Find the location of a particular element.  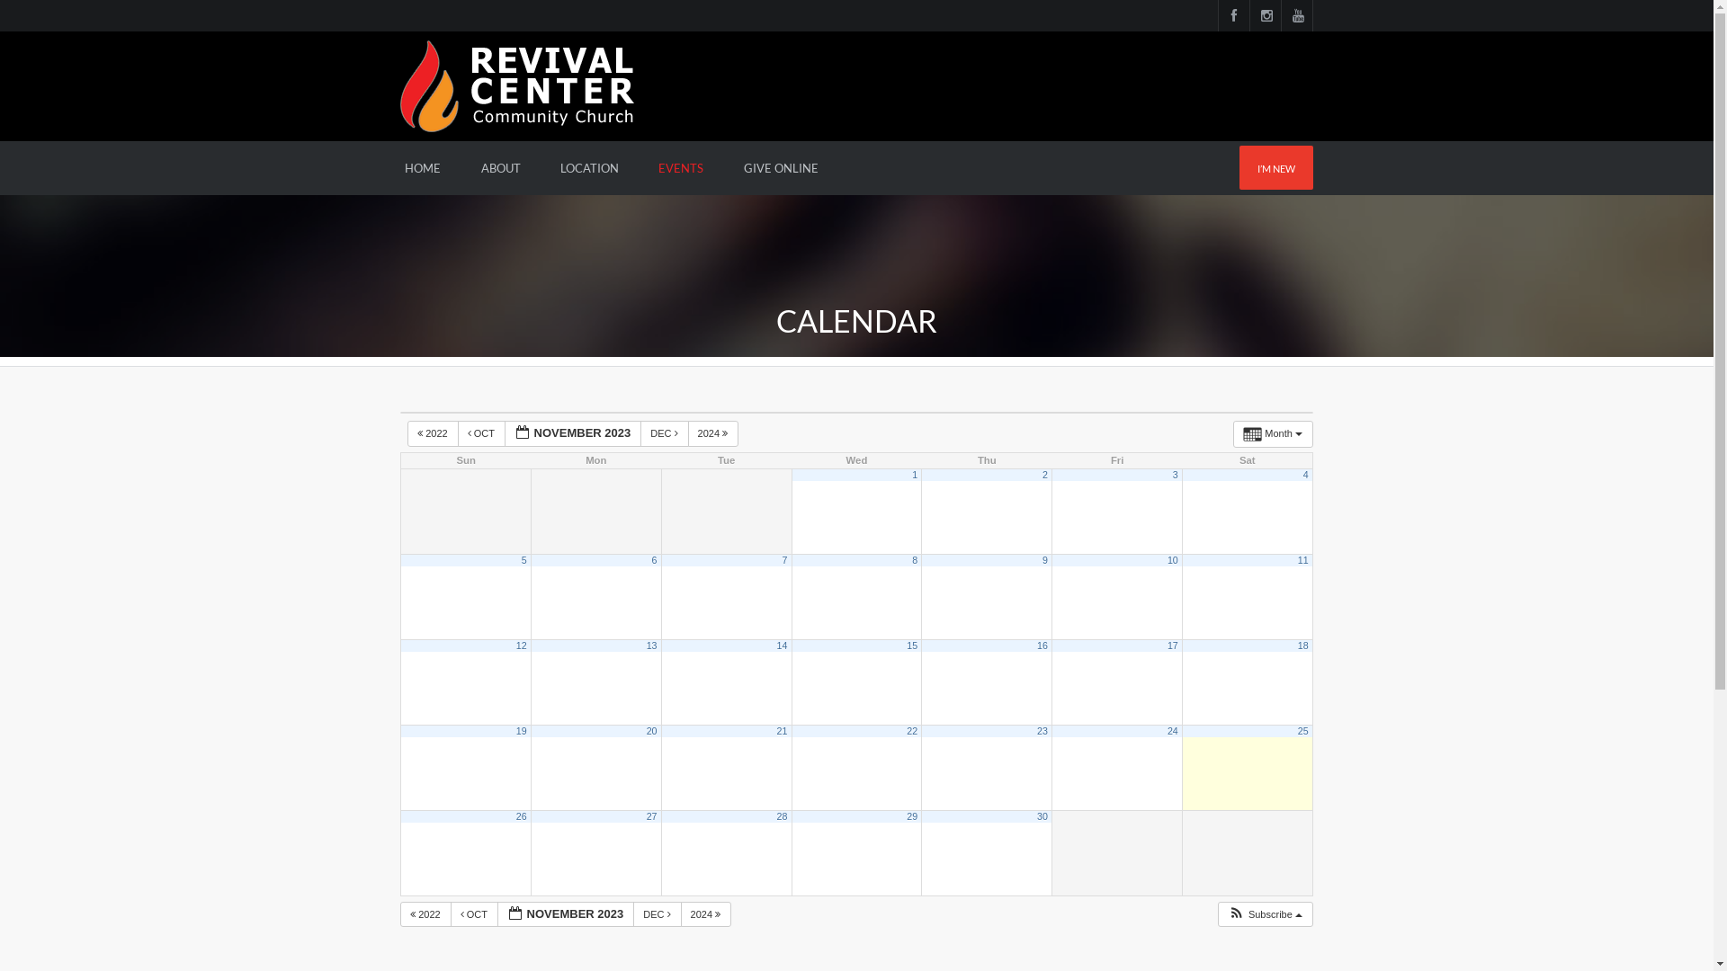

'18' is located at coordinates (1303, 644).